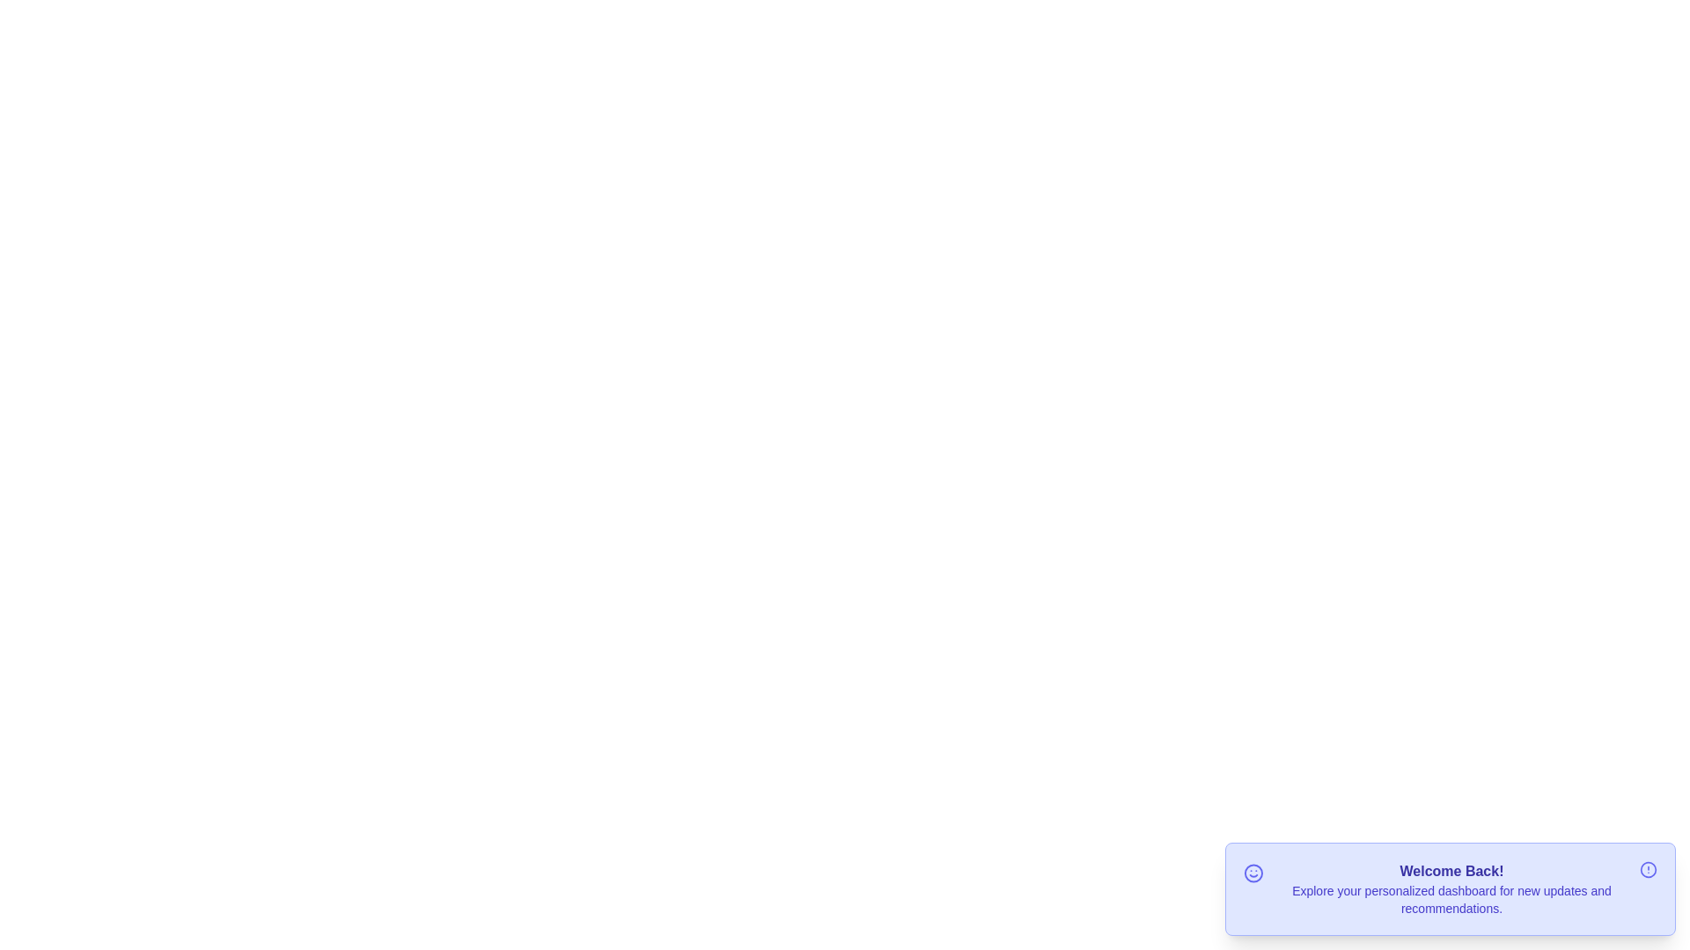 The height and width of the screenshot is (950, 1690). I want to click on the word 'personalized' within the notification text, so click(1363, 881).